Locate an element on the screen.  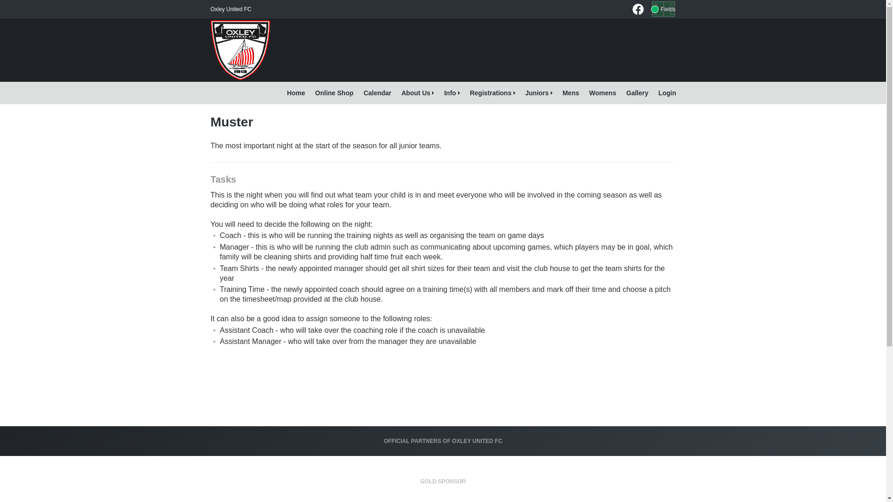
'About Us' is located at coordinates (417, 93).